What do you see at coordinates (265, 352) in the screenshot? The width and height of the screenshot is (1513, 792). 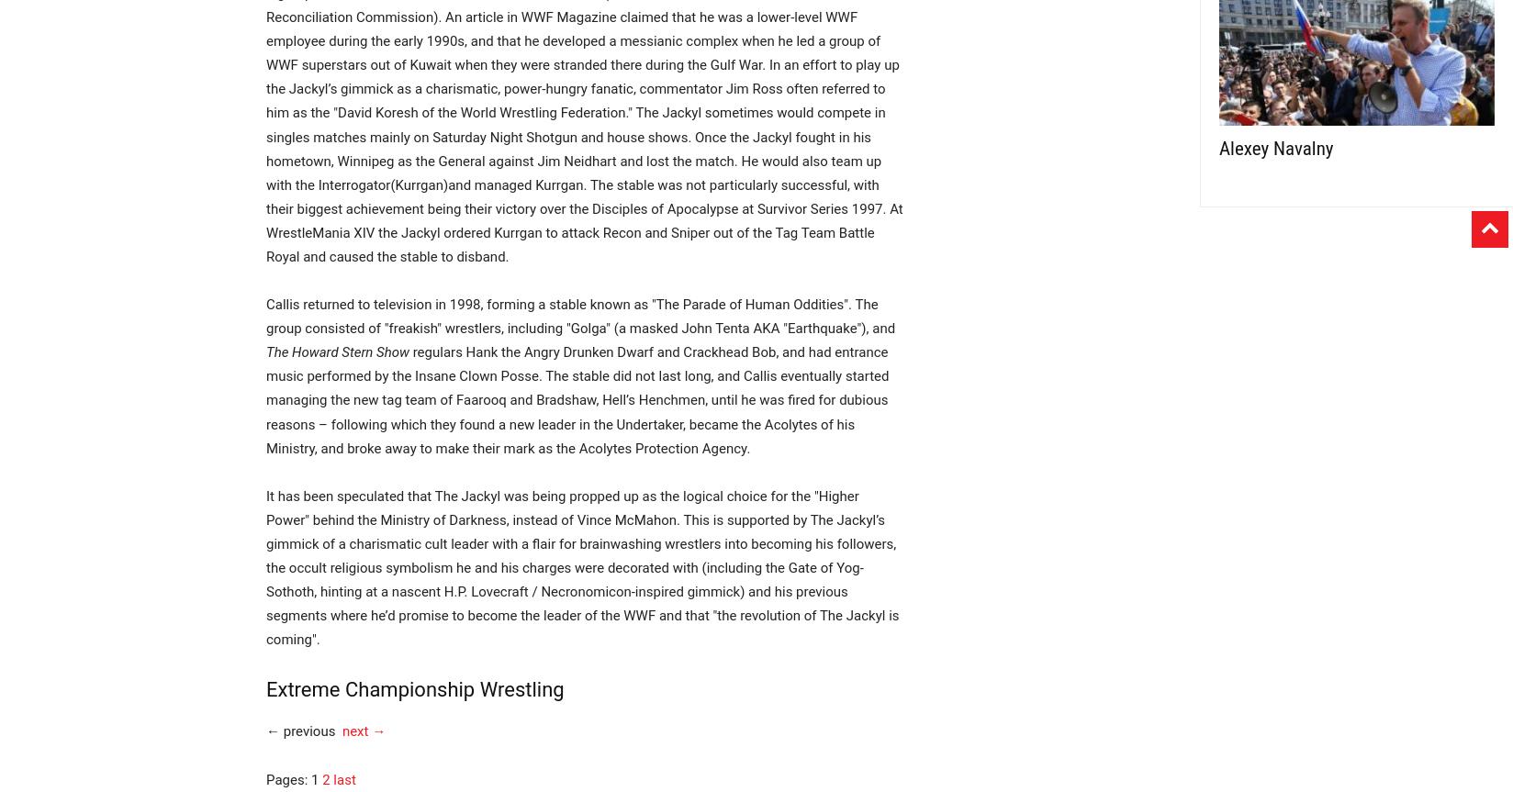 I see `'The Howard Stern Show'` at bounding box center [265, 352].